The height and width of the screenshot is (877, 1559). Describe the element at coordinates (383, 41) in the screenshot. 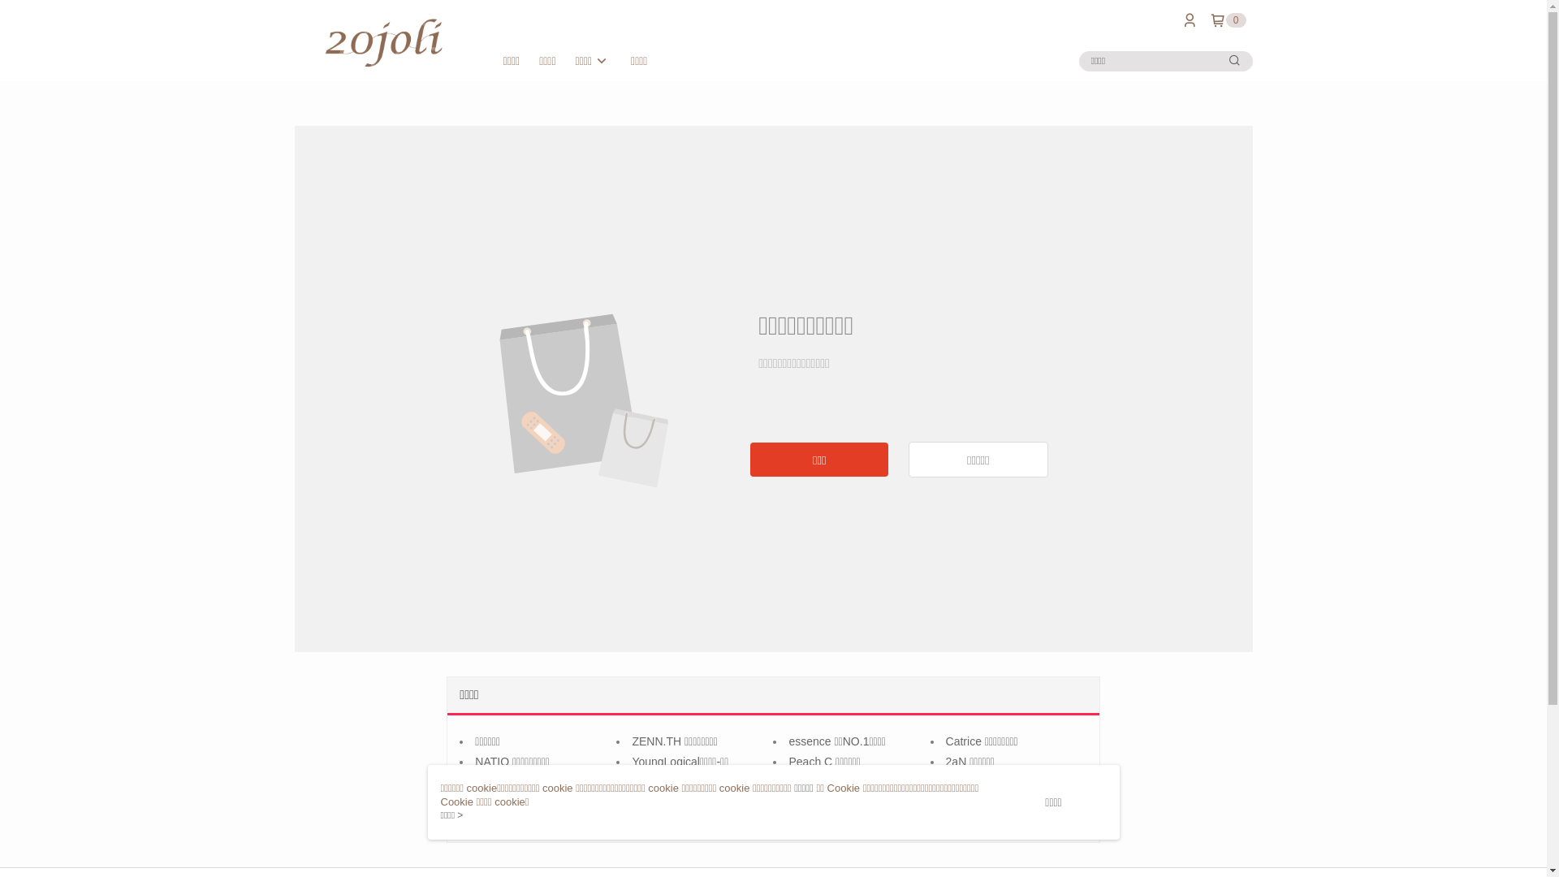

I see `'20 Joli'` at that location.